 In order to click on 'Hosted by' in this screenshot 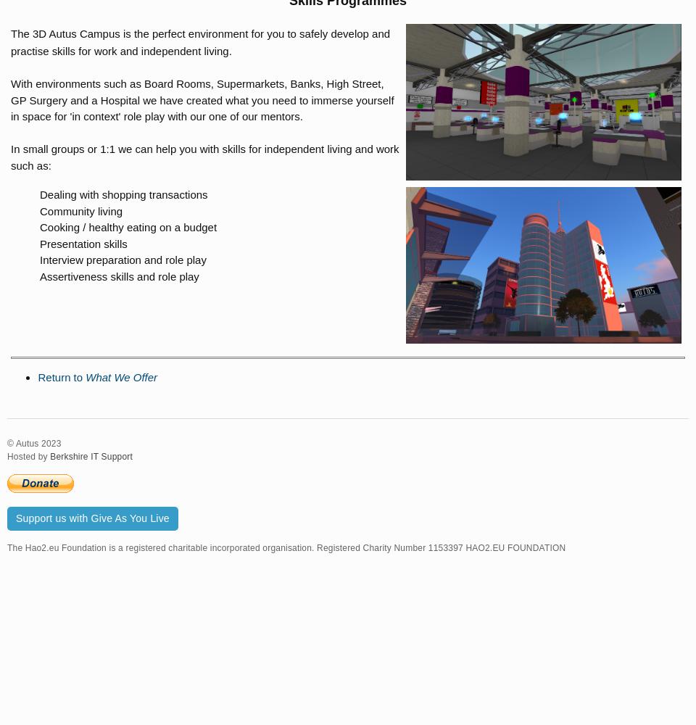, I will do `click(28, 457)`.